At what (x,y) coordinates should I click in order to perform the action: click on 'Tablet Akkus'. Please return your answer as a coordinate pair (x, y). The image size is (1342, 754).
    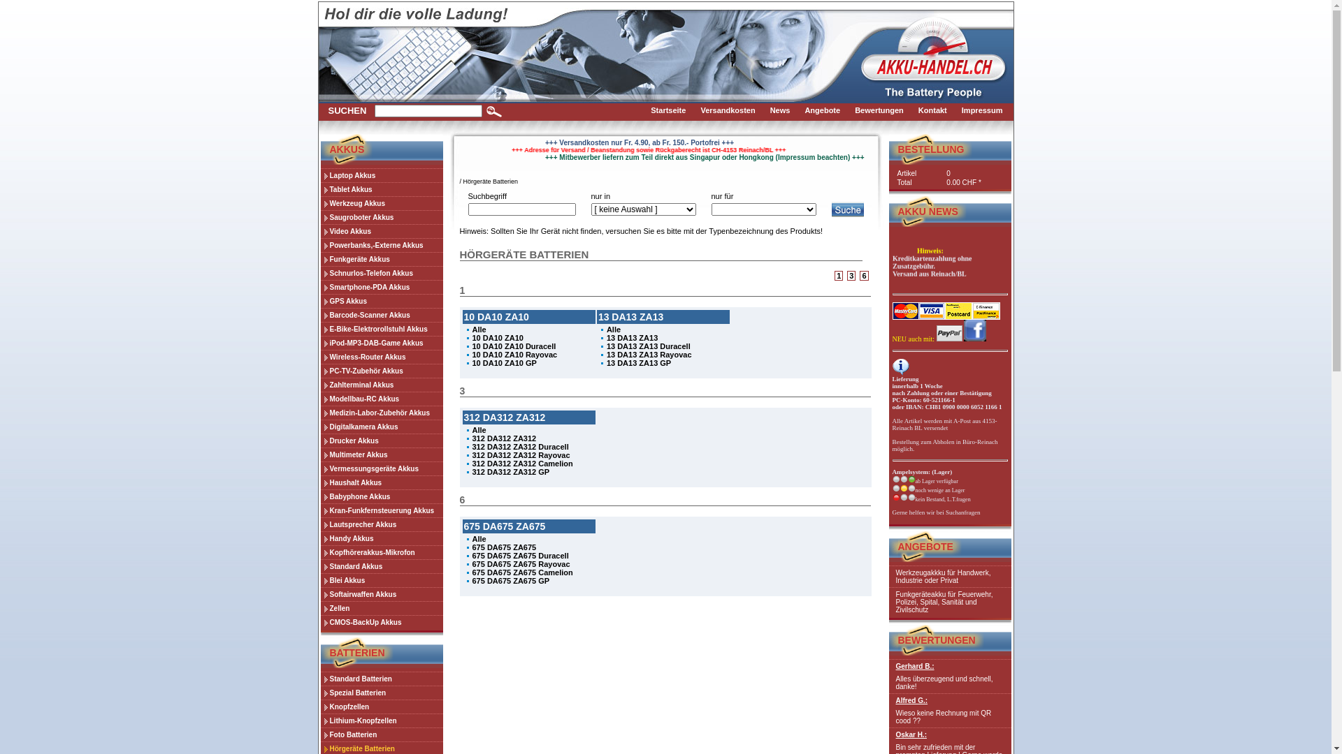
    Looking at the image, I should click on (381, 188).